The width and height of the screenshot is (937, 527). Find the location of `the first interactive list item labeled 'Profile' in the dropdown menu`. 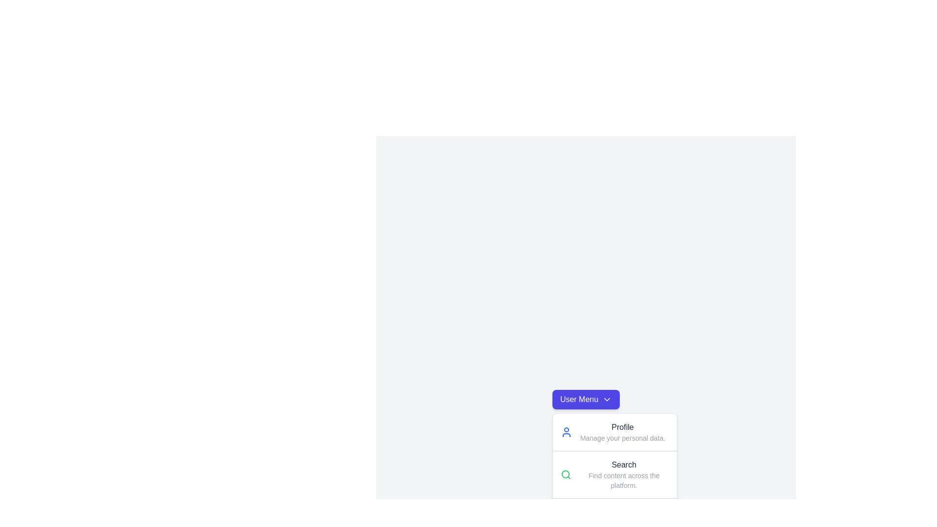

the first interactive list item labeled 'Profile' in the dropdown menu is located at coordinates (614, 432).